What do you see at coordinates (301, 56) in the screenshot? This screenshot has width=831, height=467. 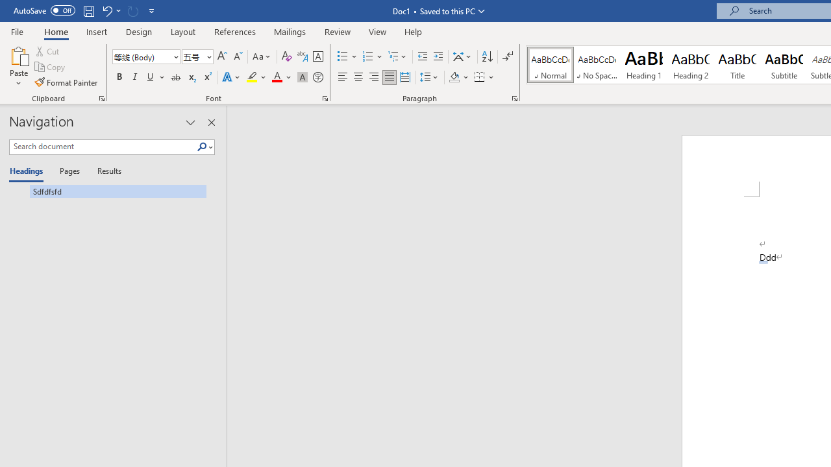 I see `'Phonetic Guide...'` at bounding box center [301, 56].